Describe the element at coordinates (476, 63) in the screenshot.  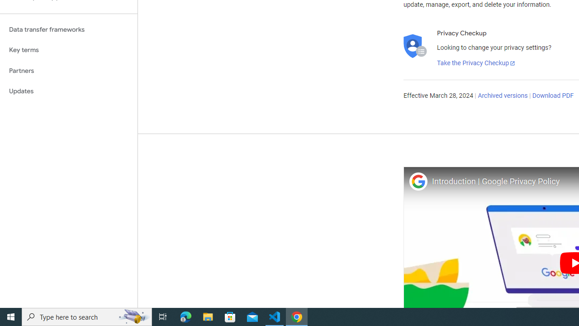
I see `'Take the Privacy Checkup'` at that location.